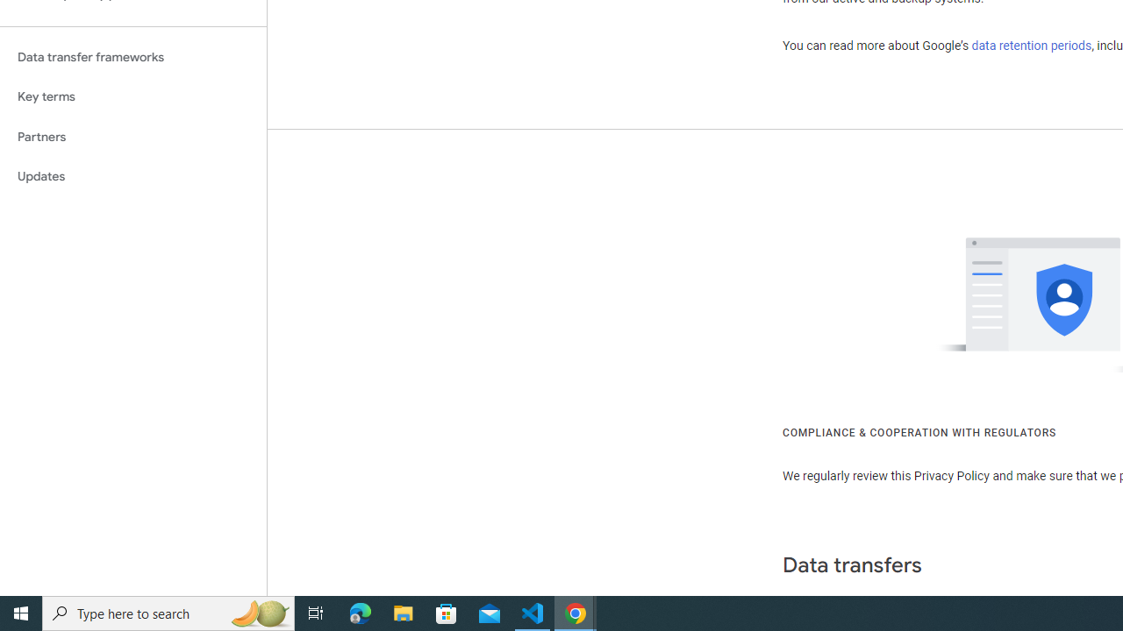 The image size is (1123, 631). Describe the element at coordinates (132, 136) in the screenshot. I see `'Partners'` at that location.